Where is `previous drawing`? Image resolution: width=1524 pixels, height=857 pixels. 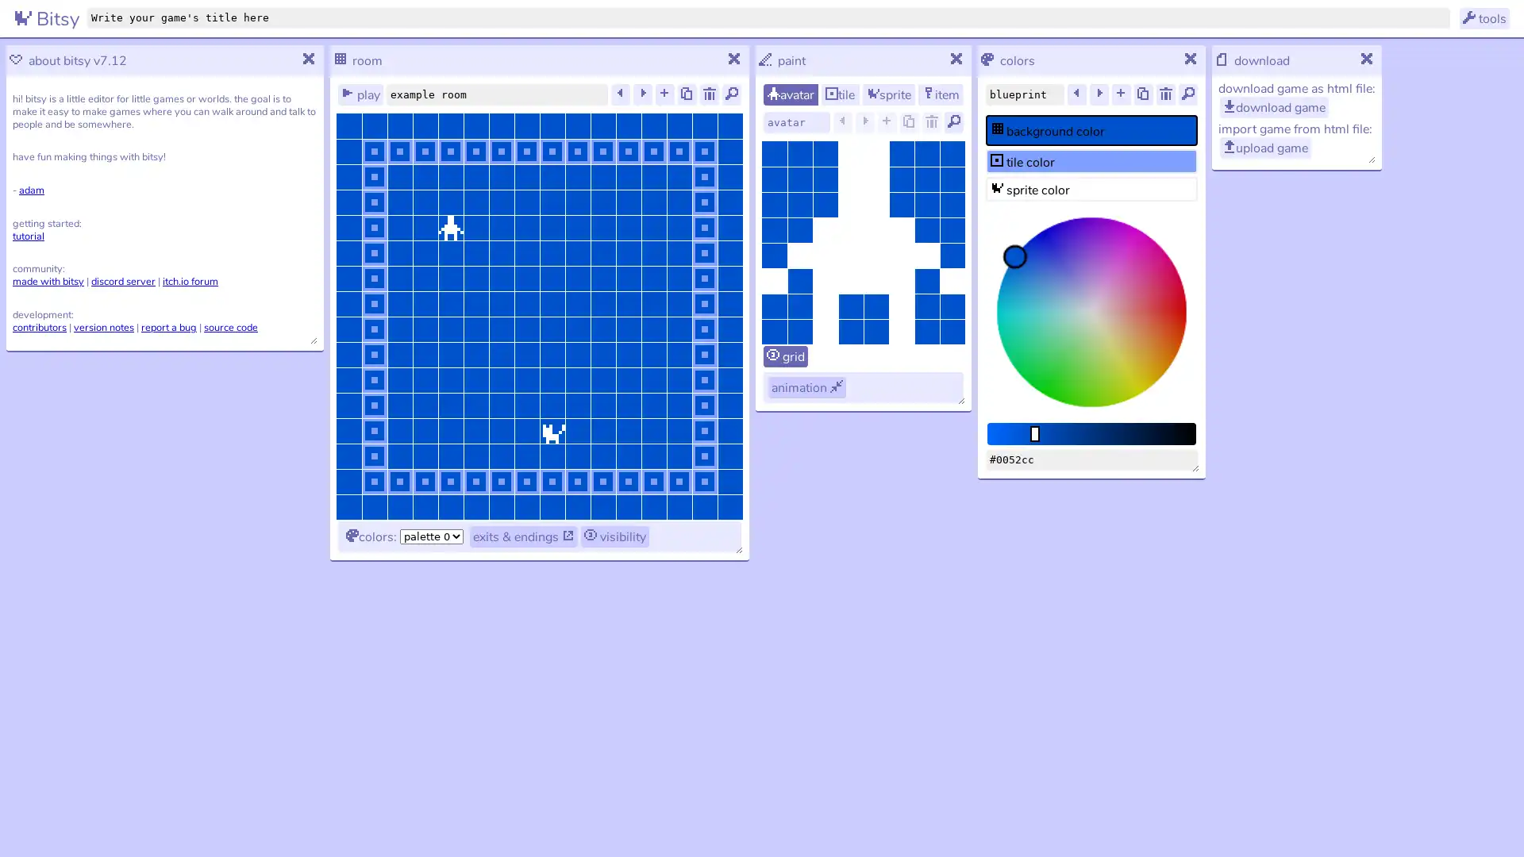
previous drawing is located at coordinates (841, 121).